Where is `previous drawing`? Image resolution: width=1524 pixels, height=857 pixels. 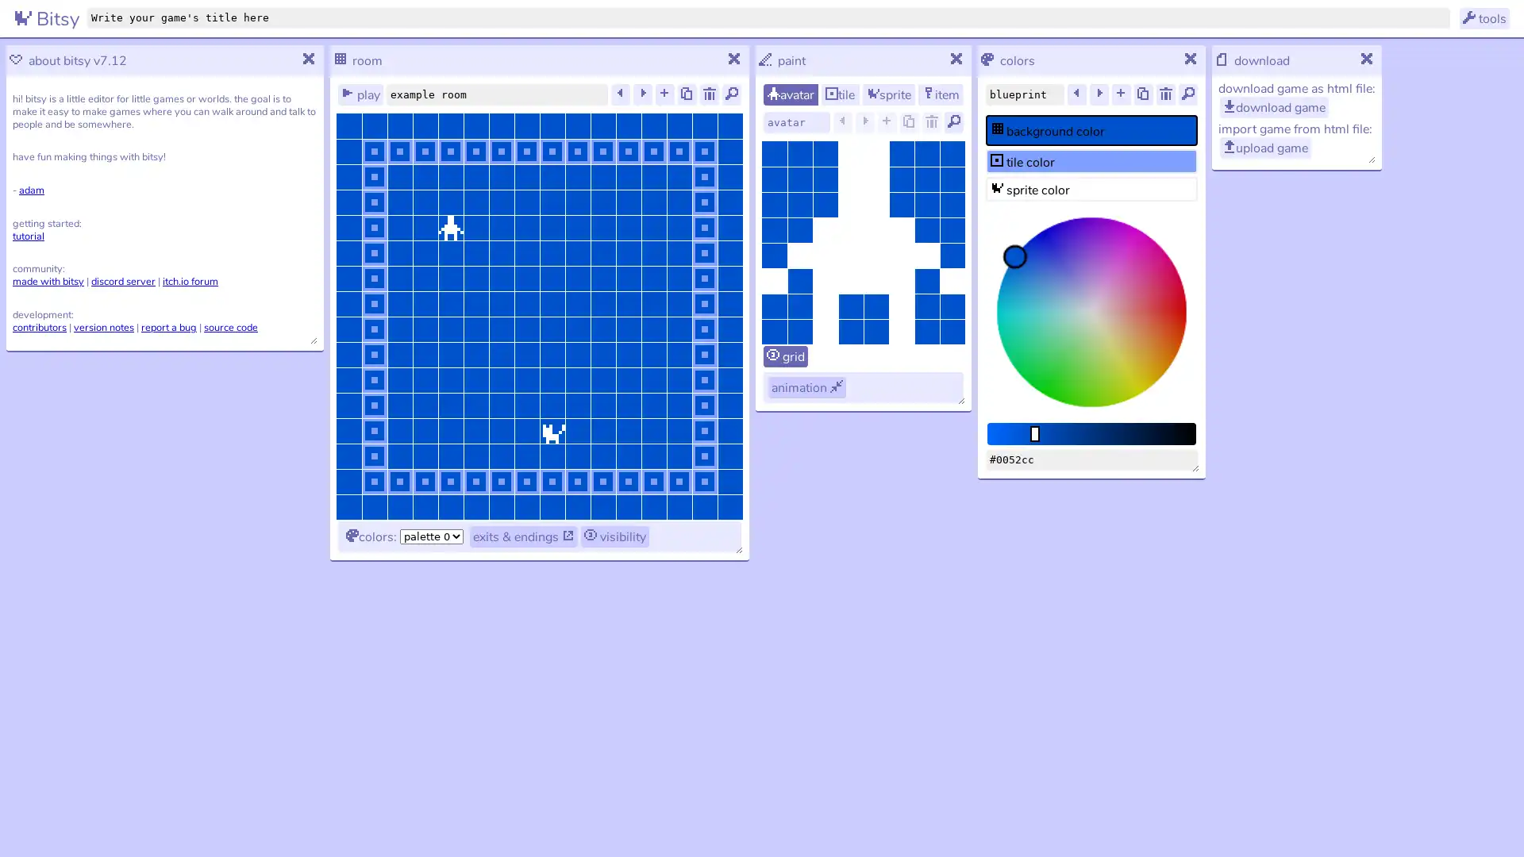
previous drawing is located at coordinates (841, 121).